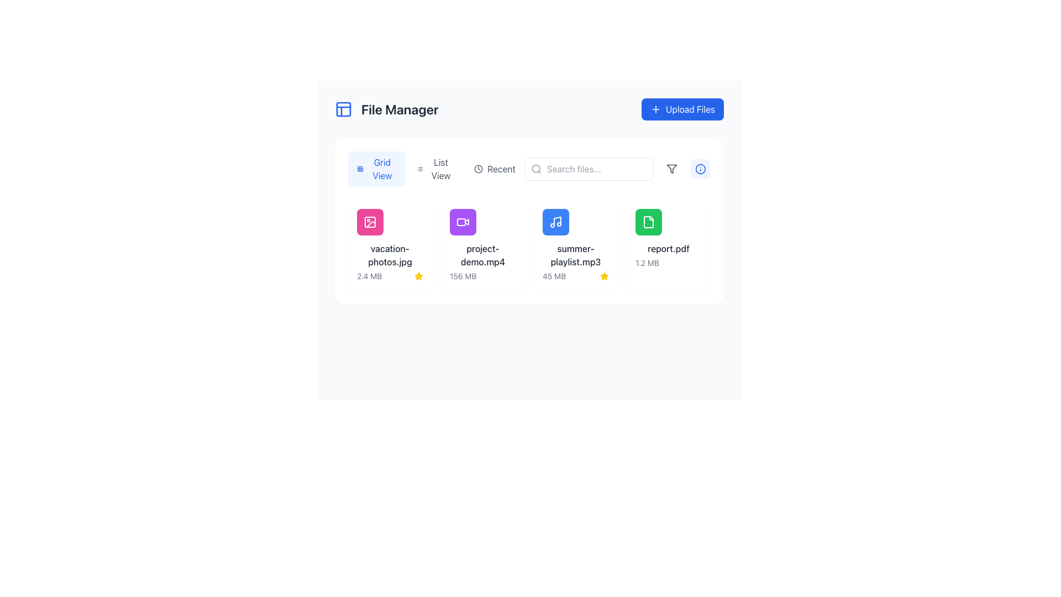  What do you see at coordinates (399, 109) in the screenshot?
I see `the text label that indicates the title or section name of the current view, positioned to the right of a square blue icon in the header section` at bounding box center [399, 109].